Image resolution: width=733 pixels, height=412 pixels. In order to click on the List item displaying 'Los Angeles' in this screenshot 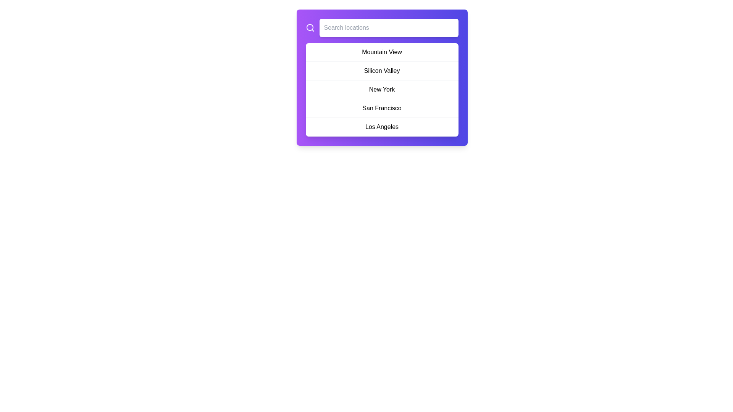, I will do `click(382, 127)`.